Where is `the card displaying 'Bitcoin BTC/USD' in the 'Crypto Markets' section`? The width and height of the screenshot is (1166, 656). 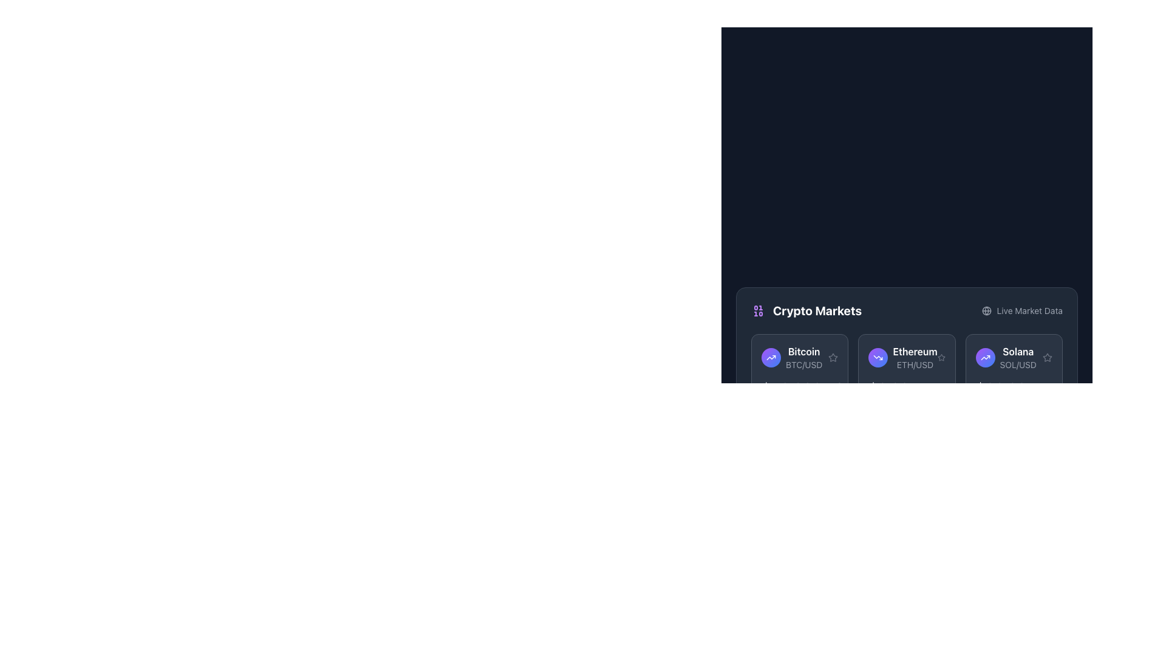
the card displaying 'Bitcoin BTC/USD' in the 'Crypto Markets' section is located at coordinates (800, 357).